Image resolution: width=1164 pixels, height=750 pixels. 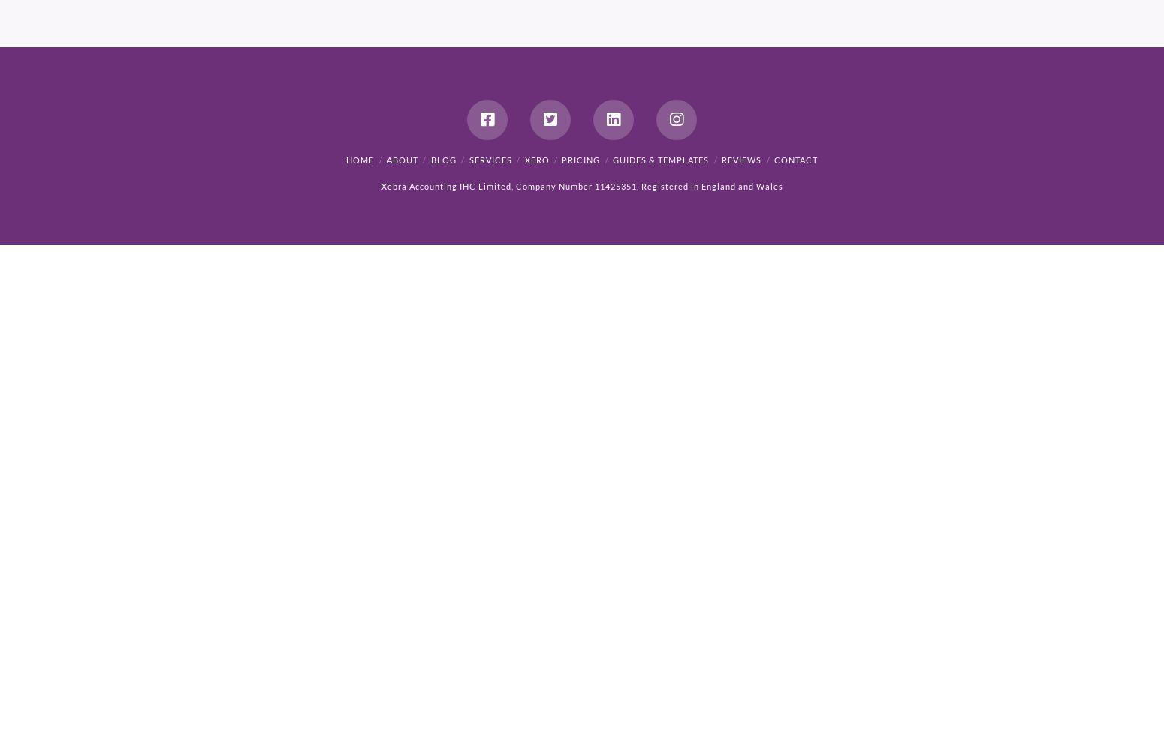 I want to click on 'Pricing', so click(x=580, y=159).